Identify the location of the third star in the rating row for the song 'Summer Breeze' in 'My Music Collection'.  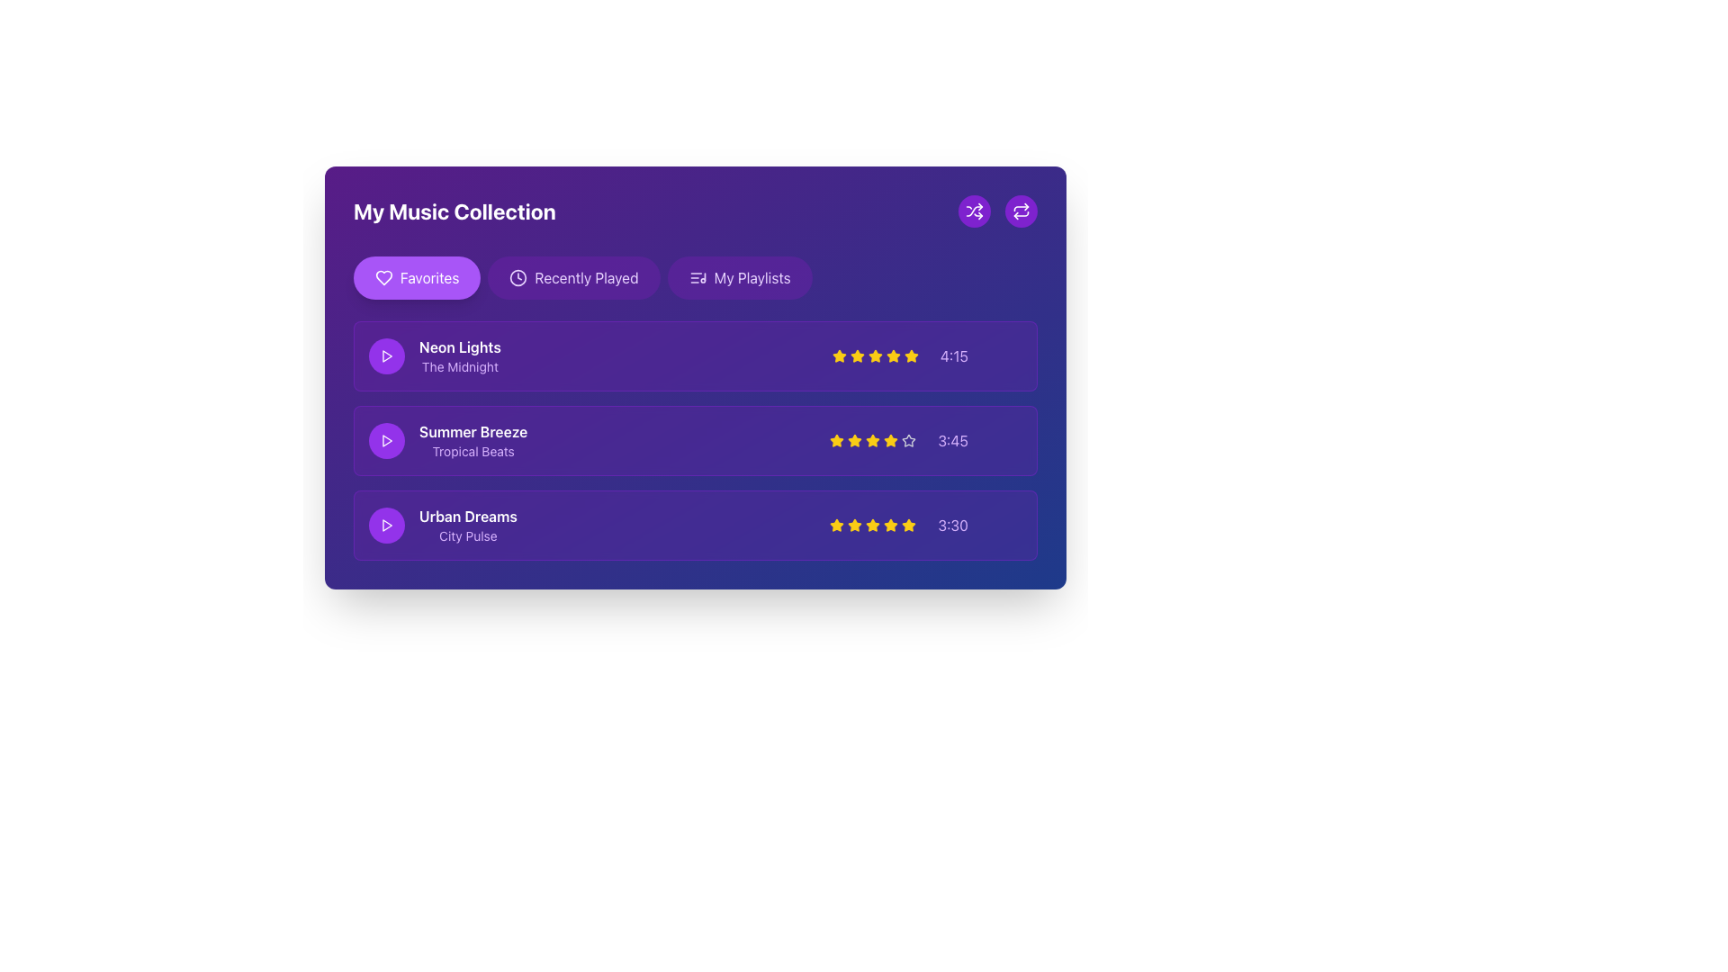
(872, 440).